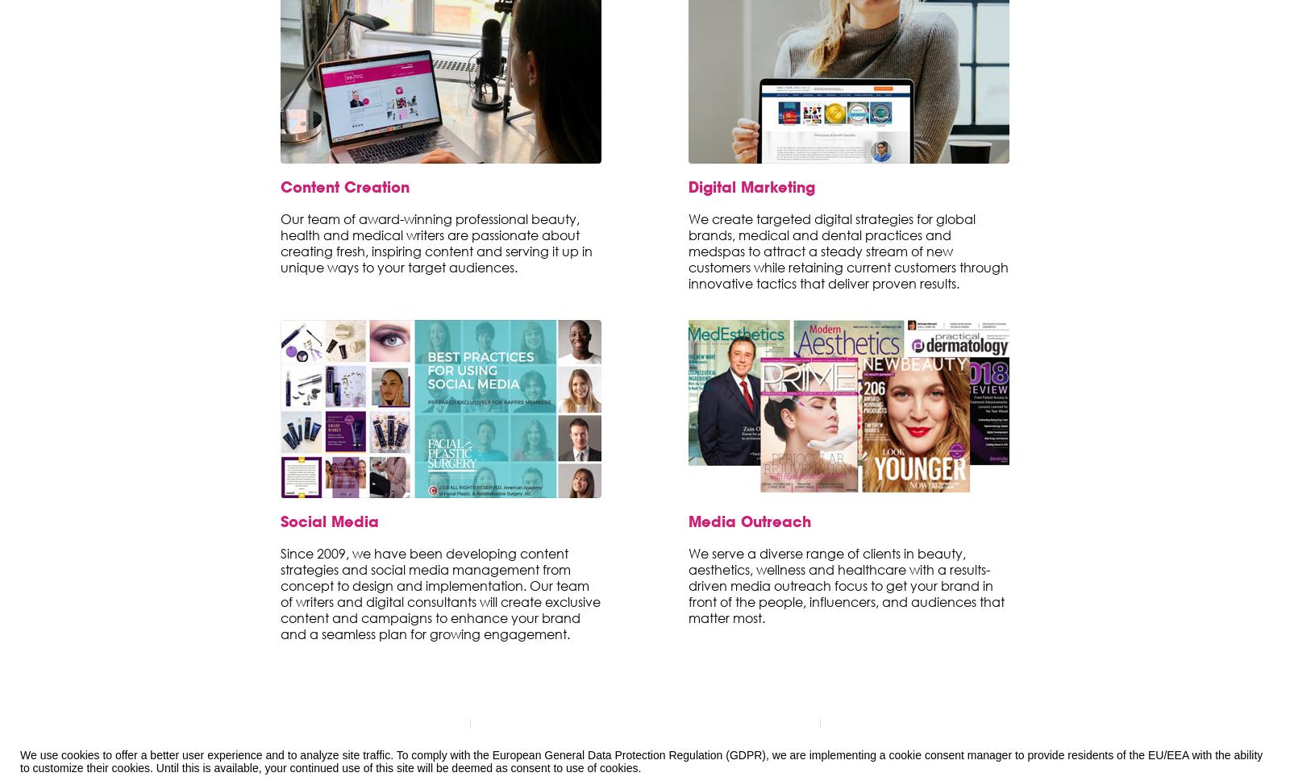  What do you see at coordinates (439, 592) in the screenshot?
I see `'Since 2009, we have been developing content strategies and social media management from concept to design and implementation. Our team of writers and digital consultants will create exclusive content and campaigns to enhance your brand and a seamless plan for growing engagement.'` at bounding box center [439, 592].